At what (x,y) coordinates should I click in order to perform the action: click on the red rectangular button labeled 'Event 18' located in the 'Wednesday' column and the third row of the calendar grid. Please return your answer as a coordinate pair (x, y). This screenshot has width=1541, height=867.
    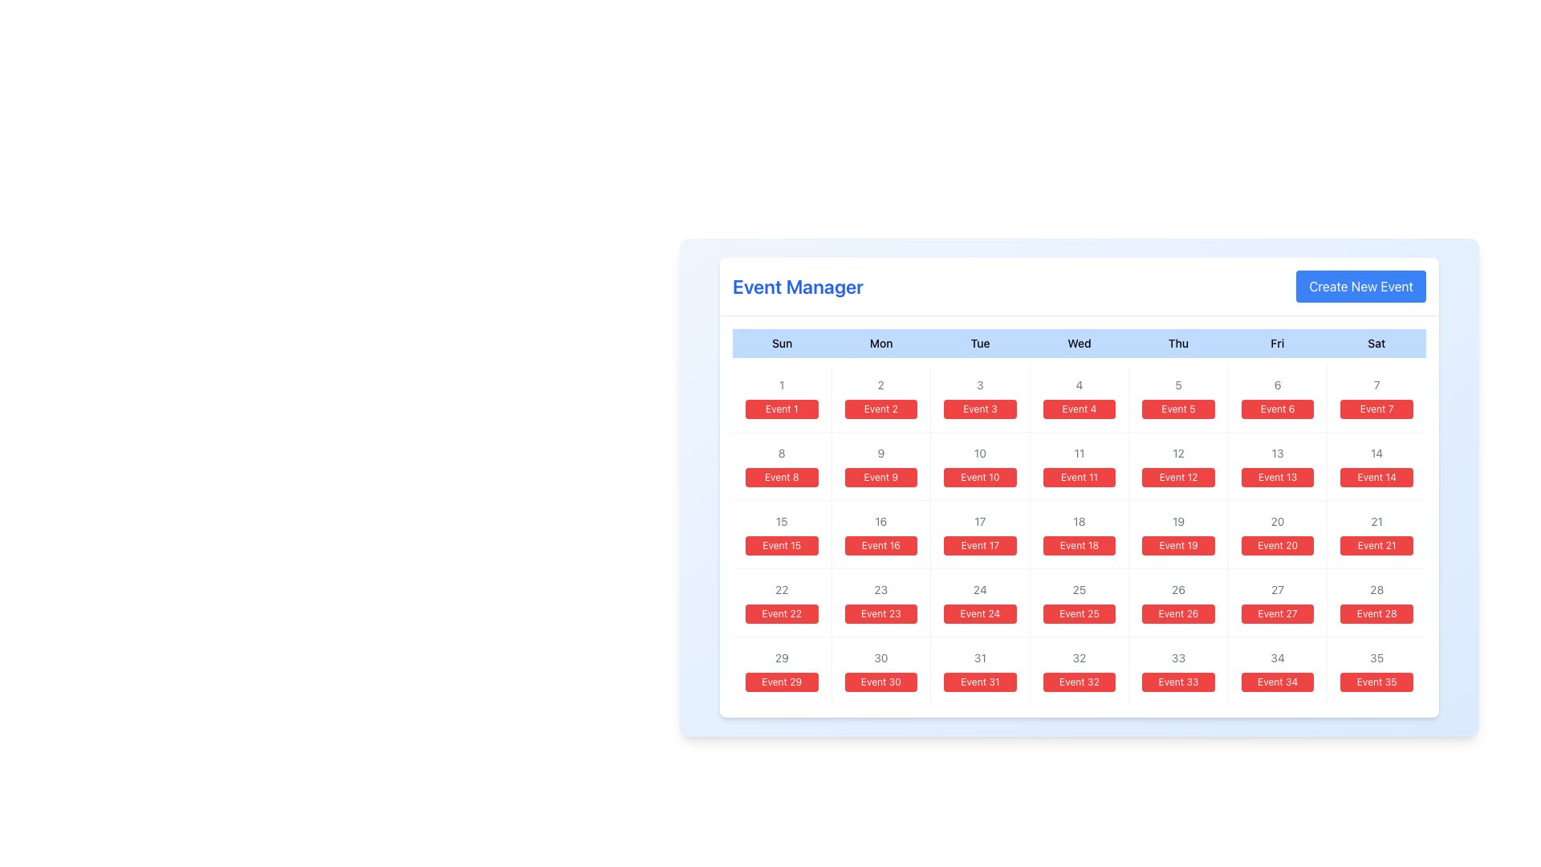
    Looking at the image, I should click on (1079, 517).